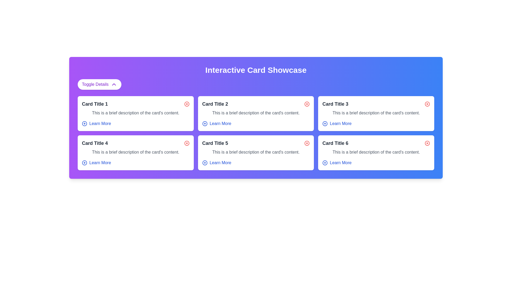  Describe the element at coordinates (427, 104) in the screenshot. I see `the circular icon with a red stroke located in the top-right corner of the third card in the grid layout, adjacent to the card's title and description` at that location.